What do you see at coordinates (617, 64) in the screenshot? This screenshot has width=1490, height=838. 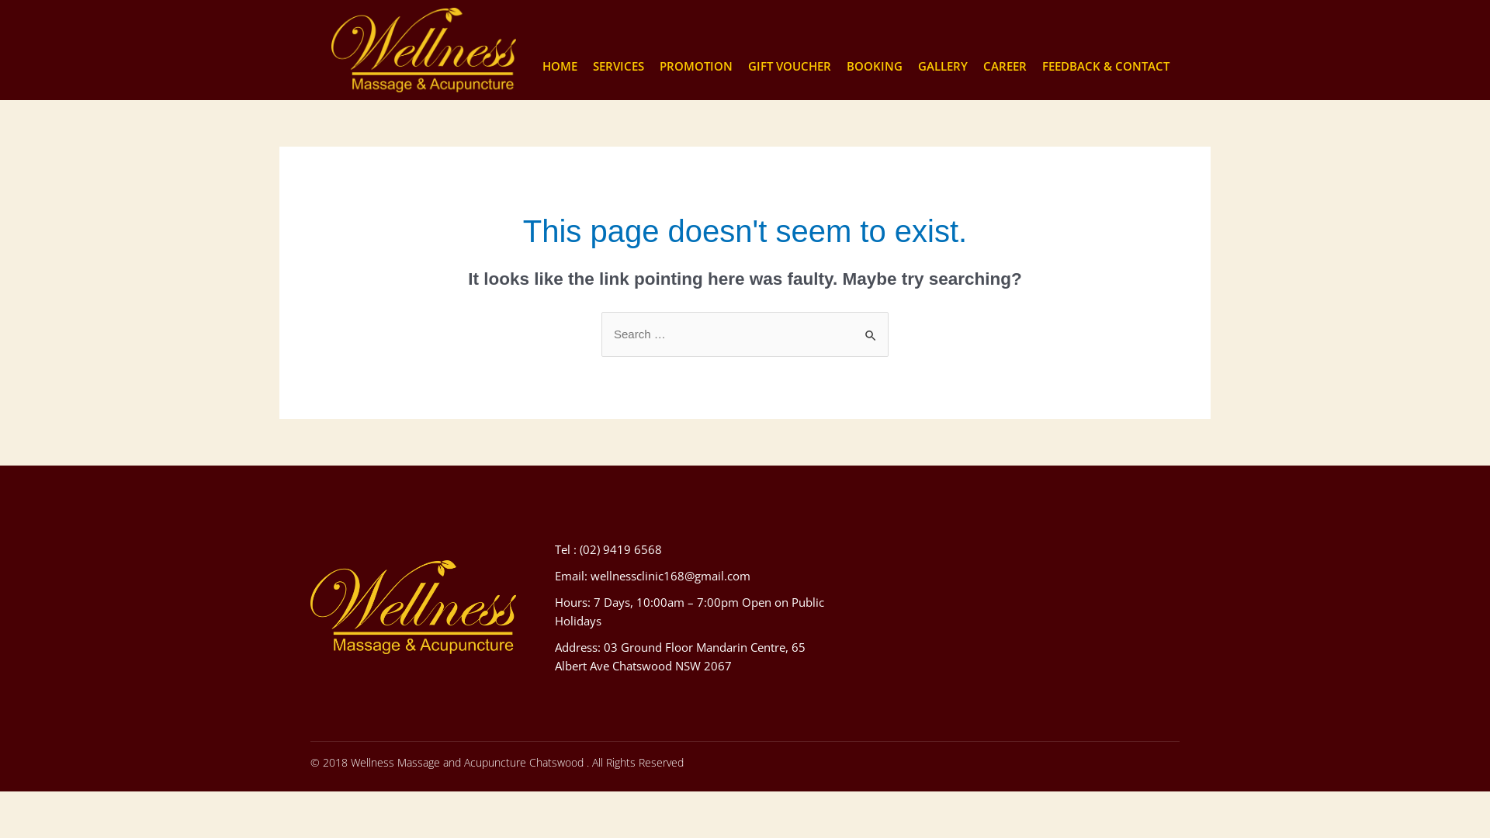 I see `'SERVICES'` at bounding box center [617, 64].